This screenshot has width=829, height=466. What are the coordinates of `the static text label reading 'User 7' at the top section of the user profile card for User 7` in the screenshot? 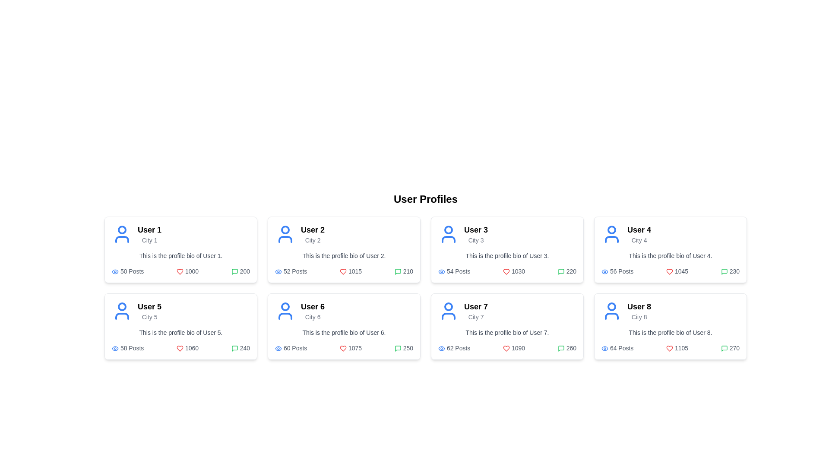 It's located at (475, 306).